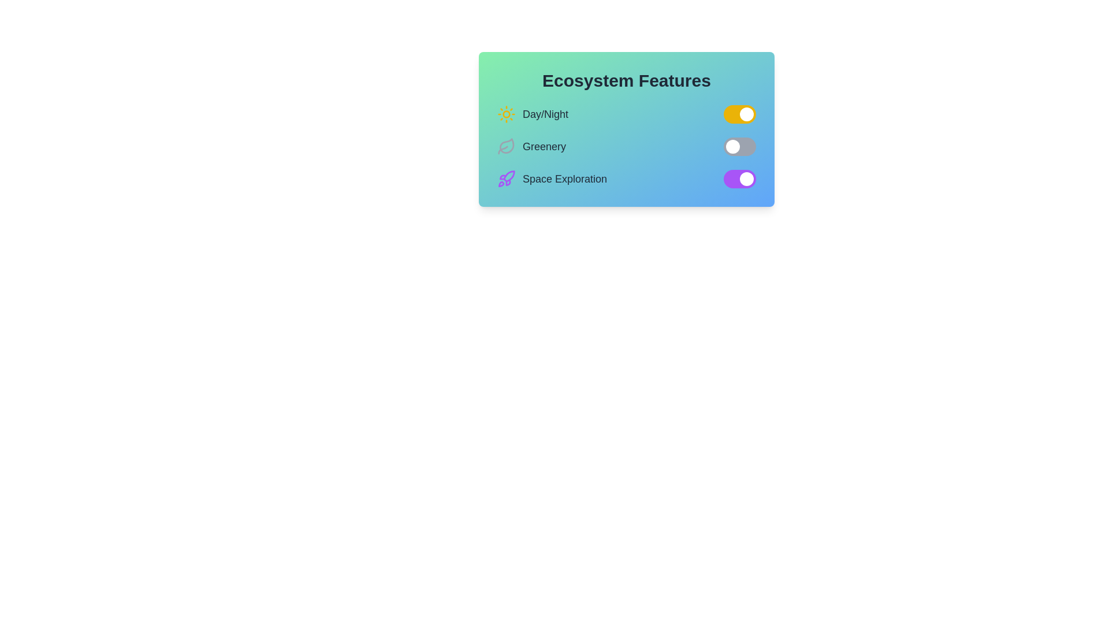  What do you see at coordinates (545, 114) in the screenshot?
I see `the 'Day/Night' text label located in the 'Ecosystem Features' panel, which describes the toggle switch functionality` at bounding box center [545, 114].